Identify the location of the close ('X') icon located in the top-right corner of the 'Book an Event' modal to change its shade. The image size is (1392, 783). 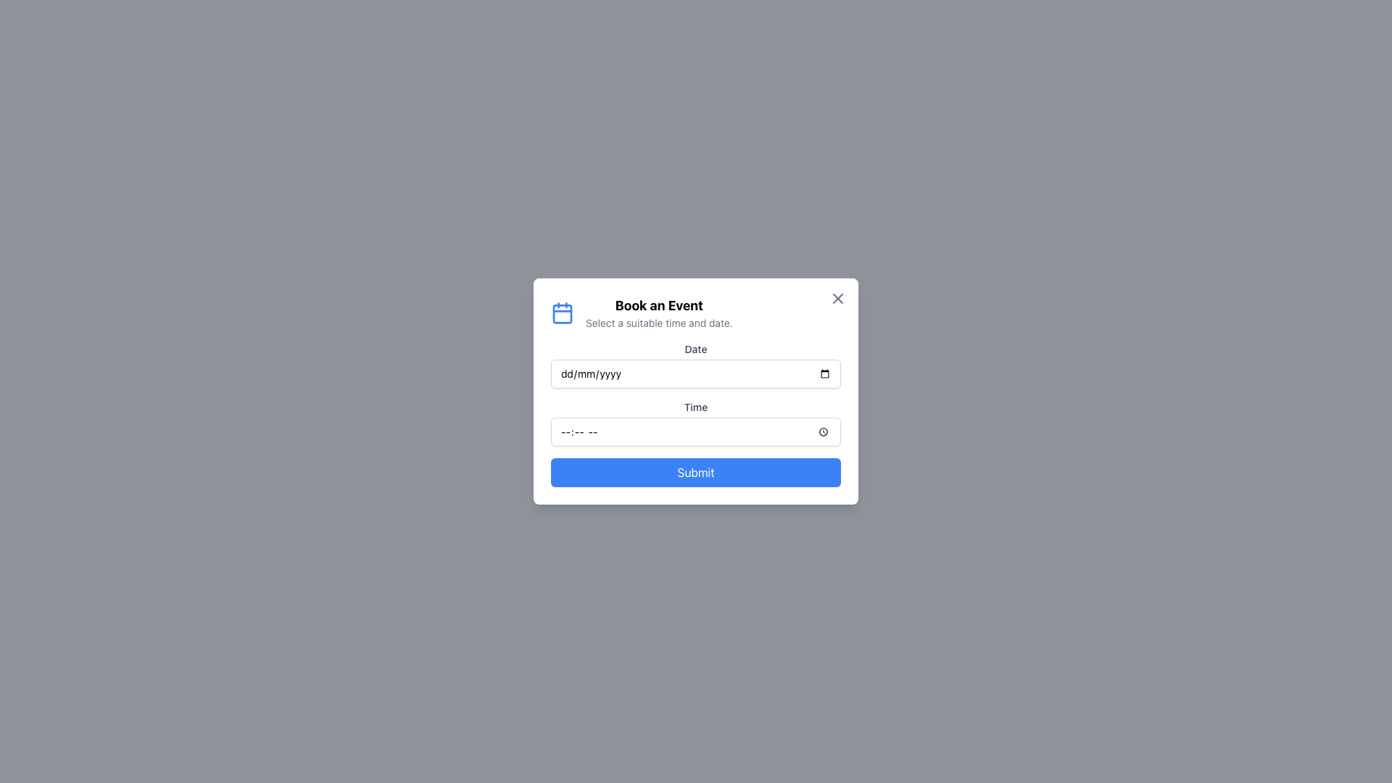
(838, 298).